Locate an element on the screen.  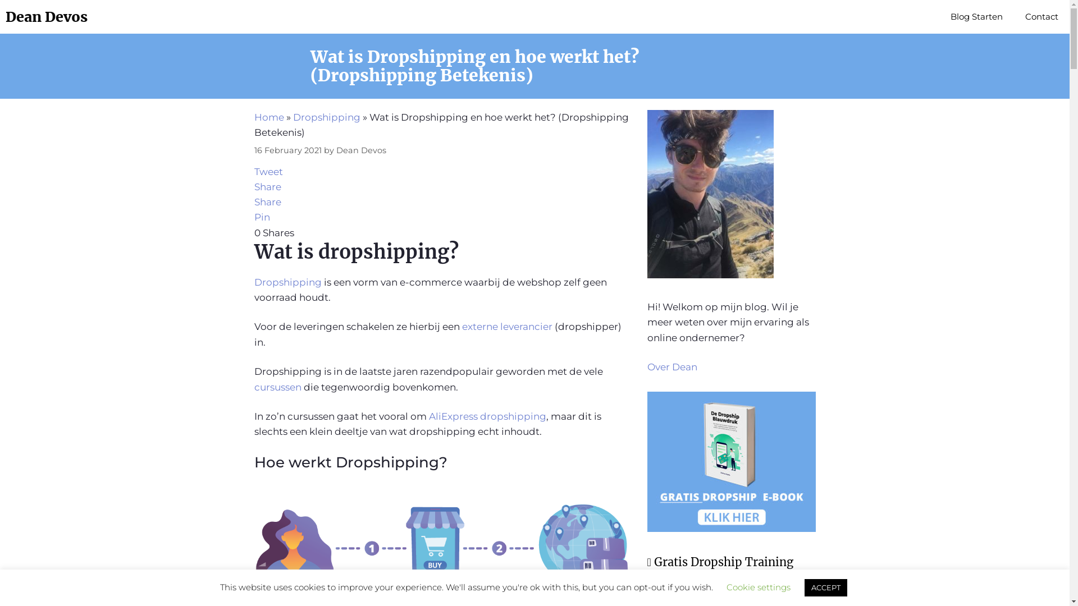
'Dean Devos' is located at coordinates (45, 17).